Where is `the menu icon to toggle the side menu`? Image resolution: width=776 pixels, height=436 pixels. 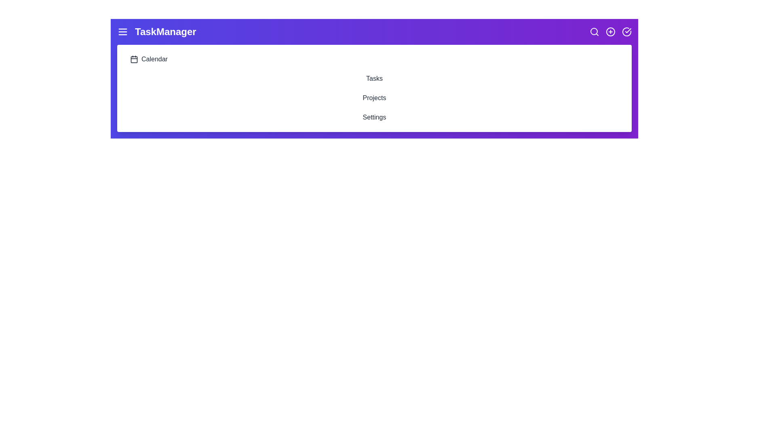
the menu icon to toggle the side menu is located at coordinates (122, 31).